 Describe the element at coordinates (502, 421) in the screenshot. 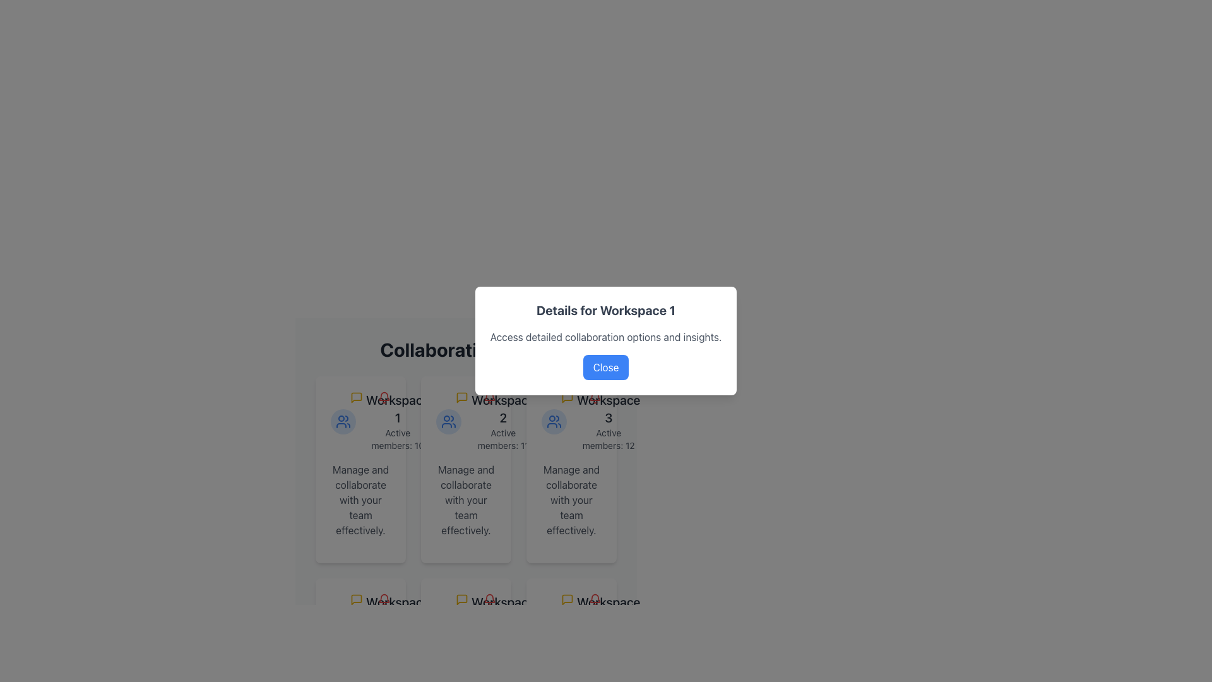

I see `information displayed in the Text element showing 'Workspace 2' and 'Active members: 11', which is positioned in the center column below the workspace icon` at that location.